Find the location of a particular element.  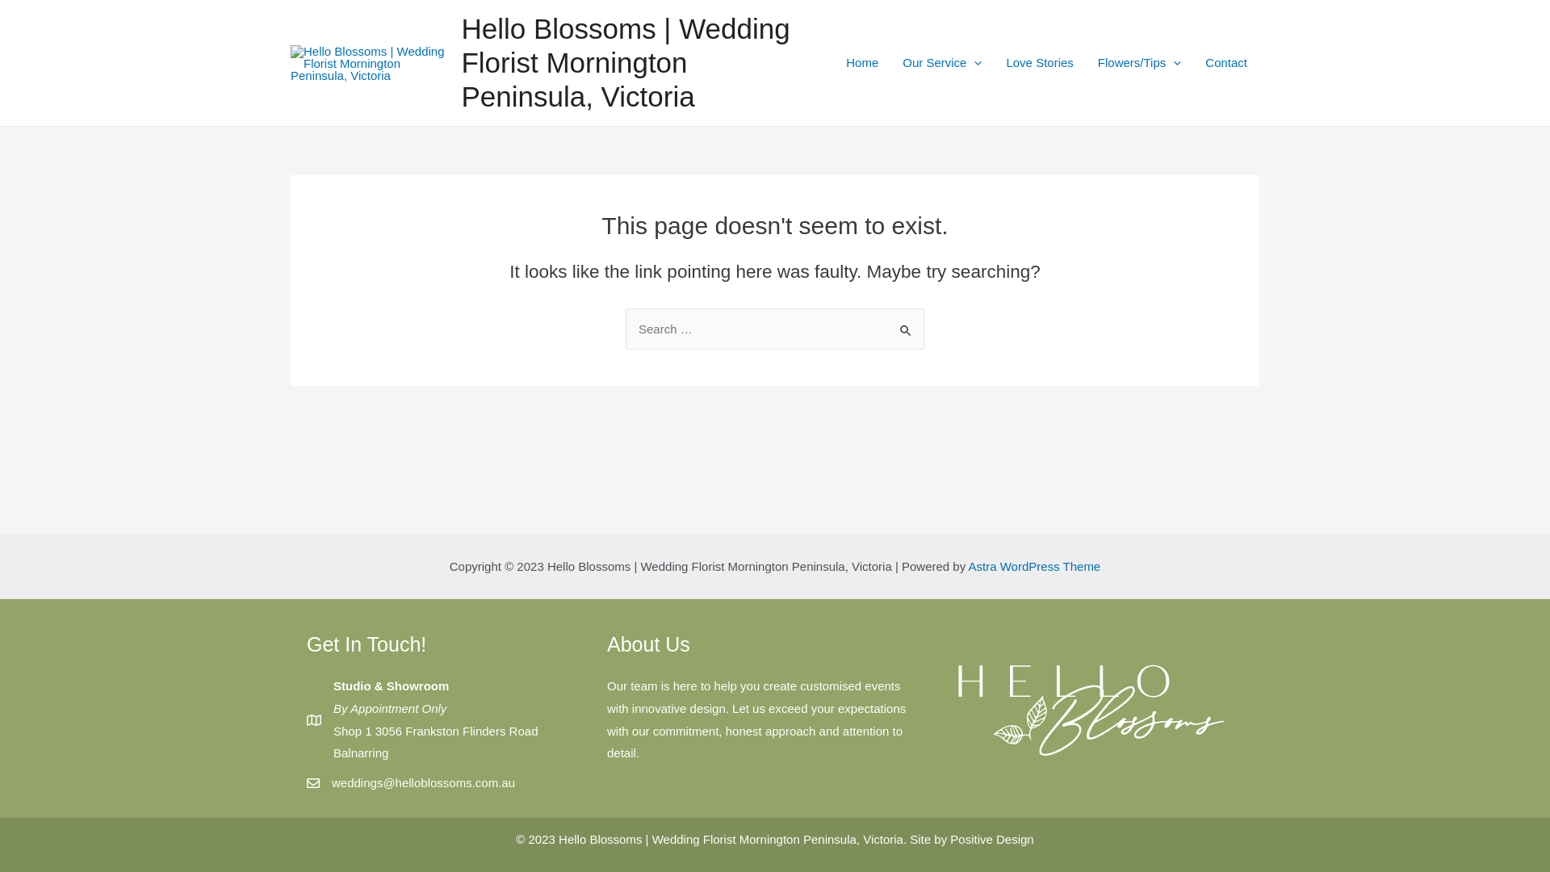

'Our Service' is located at coordinates (941, 61).